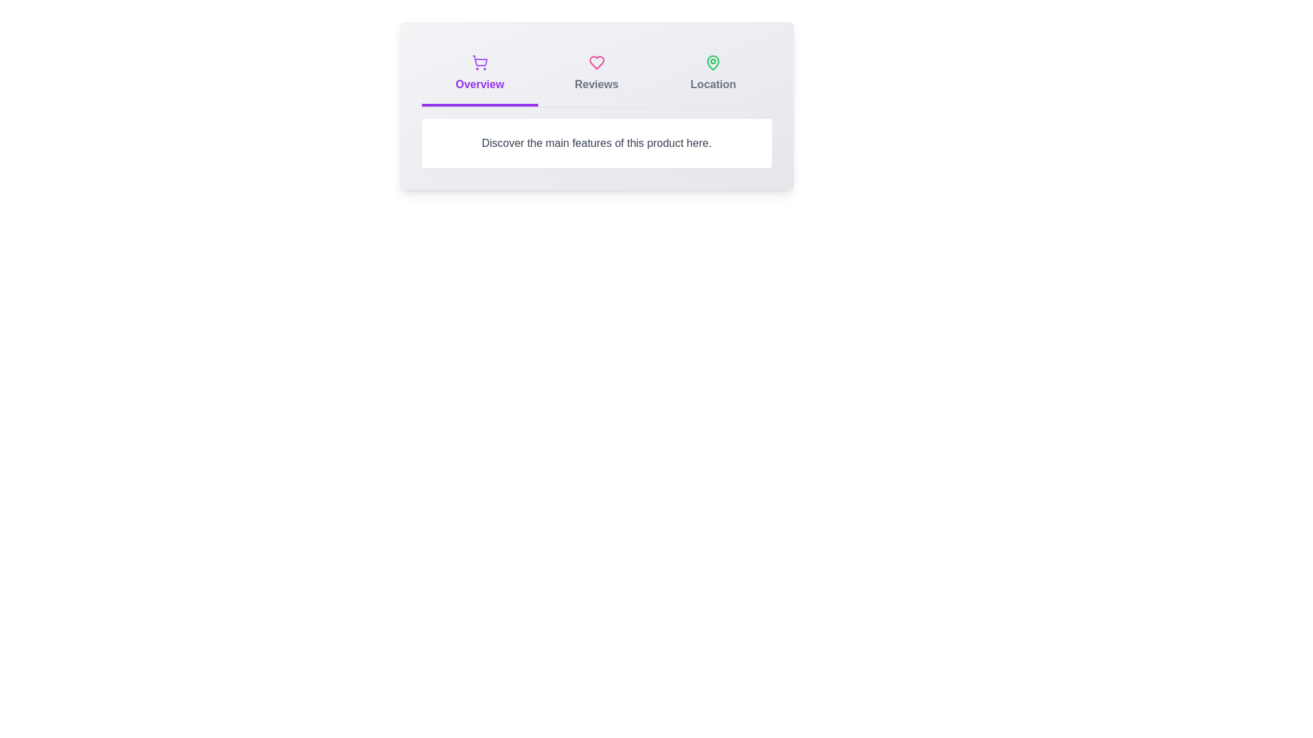 This screenshot has width=1313, height=738. Describe the element at coordinates (479, 75) in the screenshot. I see `the Overview tab to view its content` at that location.